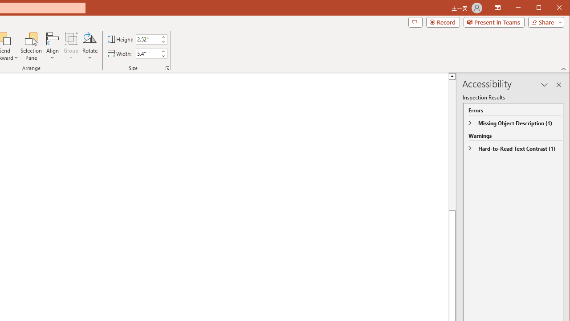 The image size is (570, 321). Describe the element at coordinates (551, 8) in the screenshot. I see `'Maximize'` at that location.